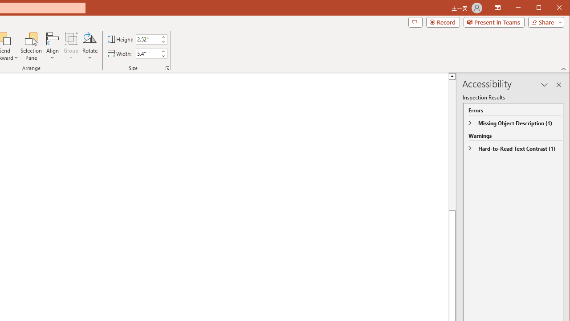 The image size is (570, 321). Describe the element at coordinates (551, 8) in the screenshot. I see `'Maximize'` at that location.